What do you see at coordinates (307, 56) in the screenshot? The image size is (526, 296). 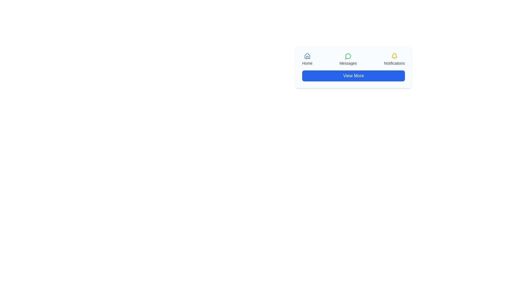 I see `the 'Home' icon located at the top-right side of the interface, beneath the text 'Home', to navigate to the homepage` at bounding box center [307, 56].